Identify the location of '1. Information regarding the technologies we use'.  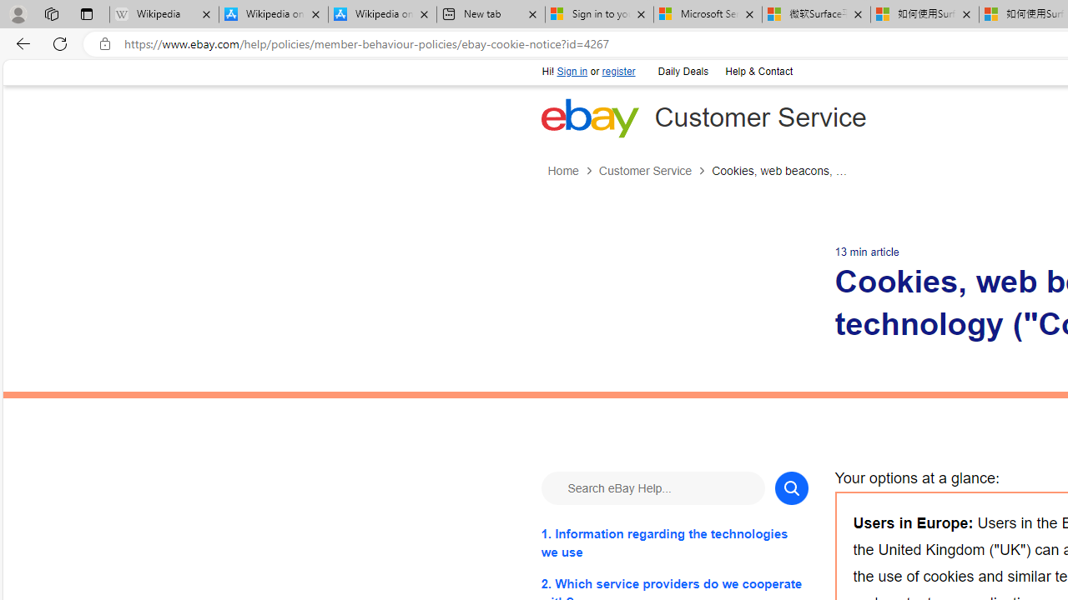
(674, 542).